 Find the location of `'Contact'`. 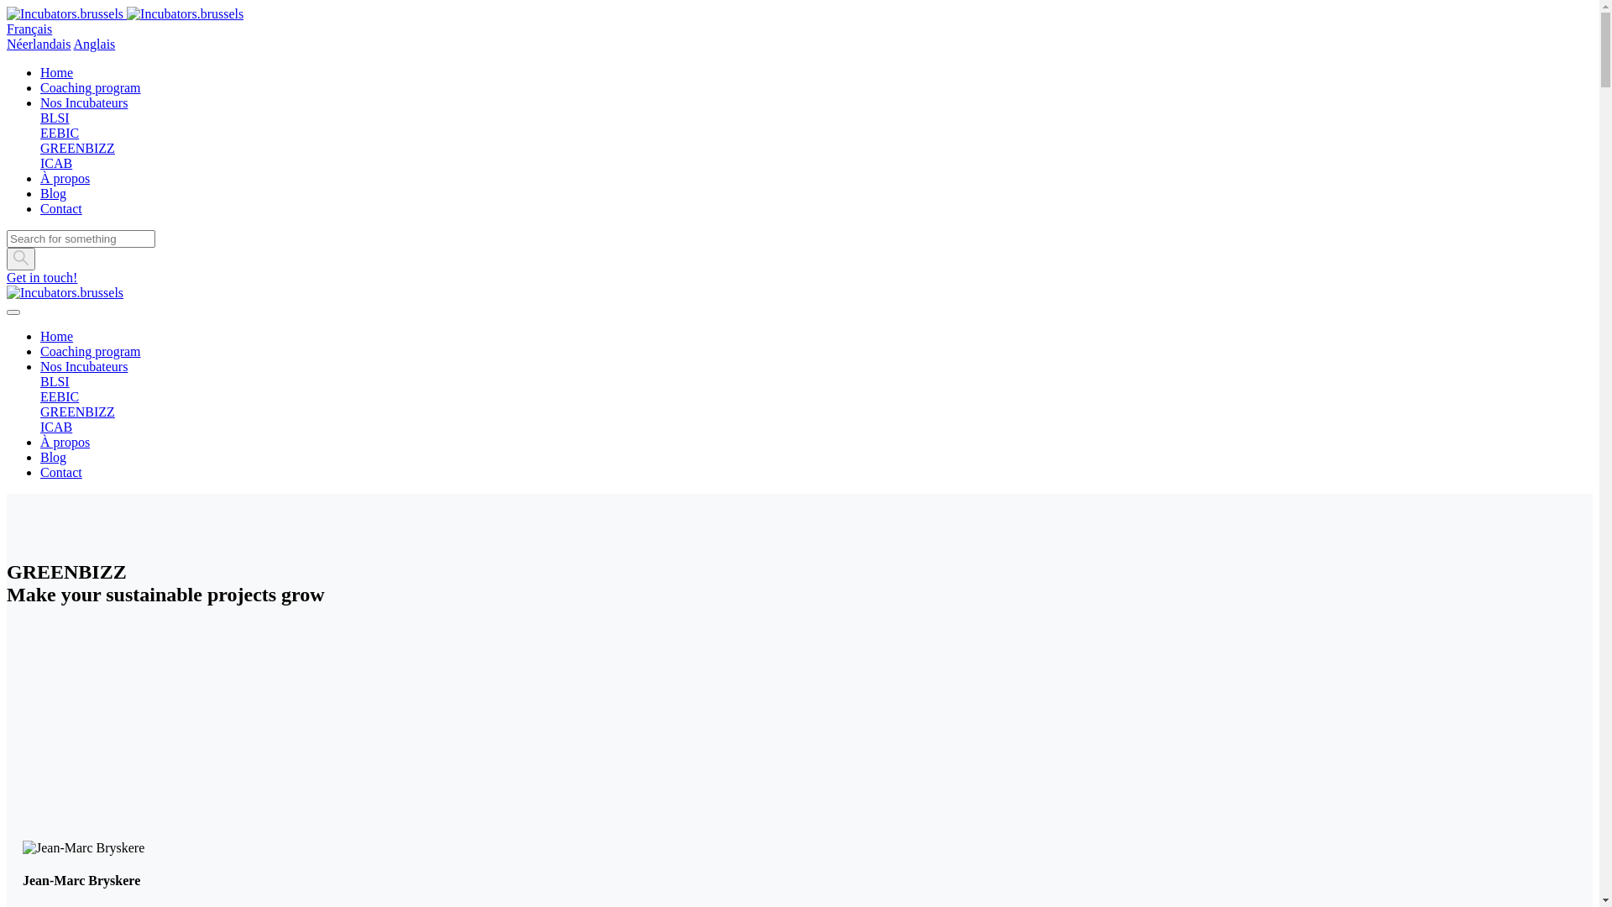

'Contact' is located at coordinates (60, 207).